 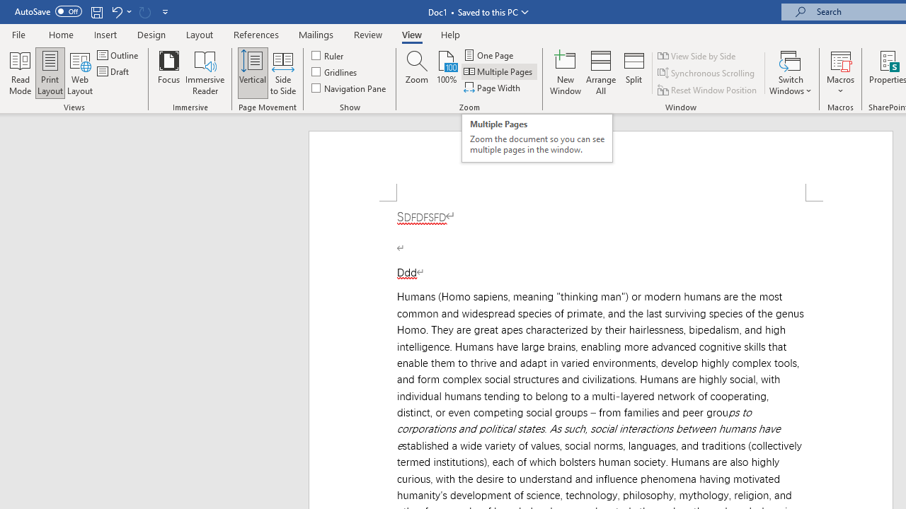 I want to click on 'Split', so click(x=633, y=73).